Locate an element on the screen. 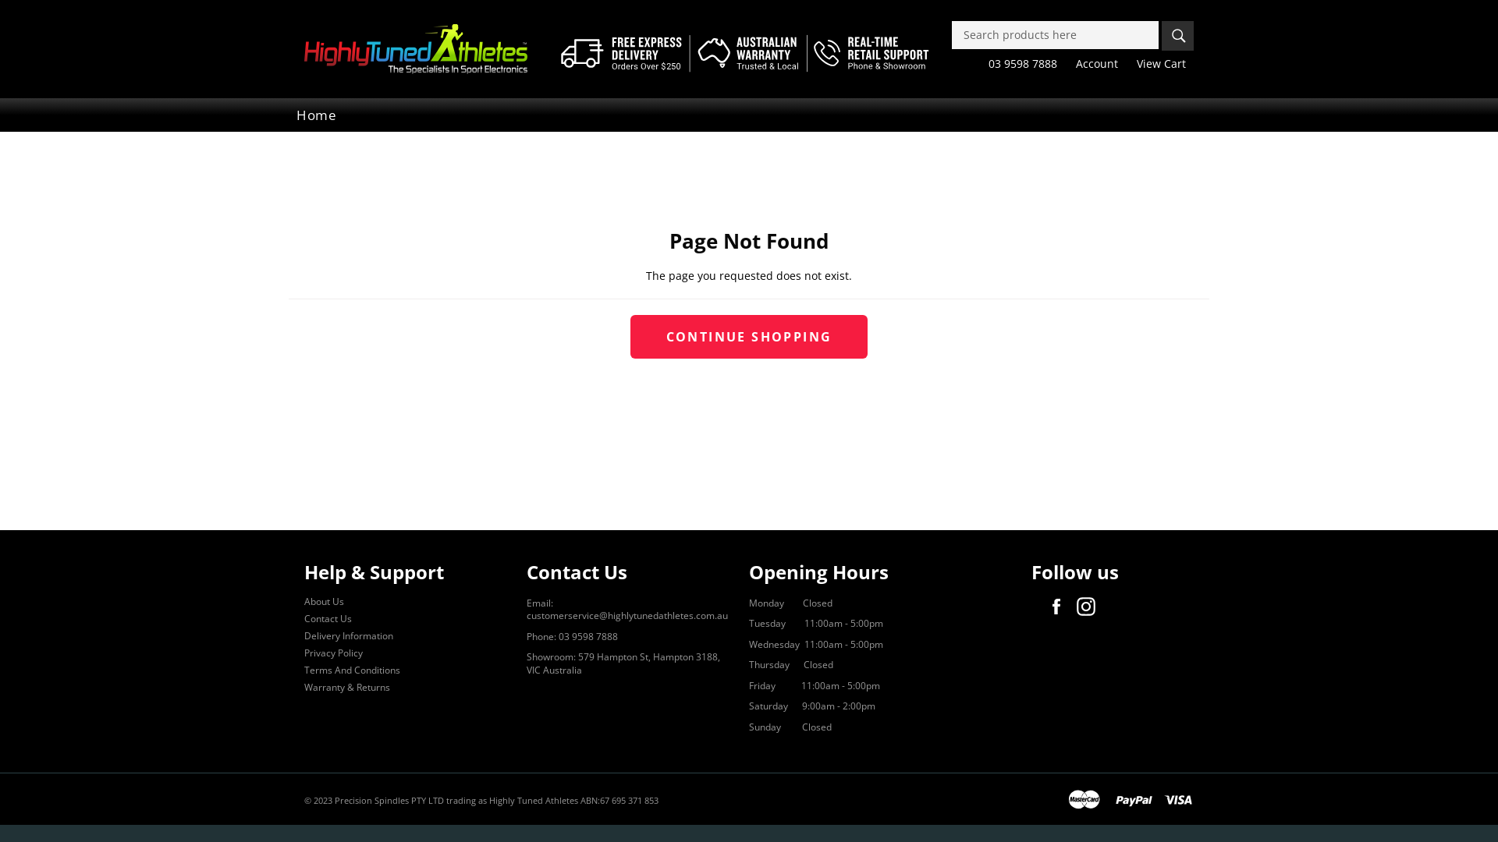  'Account' is located at coordinates (1067, 62).